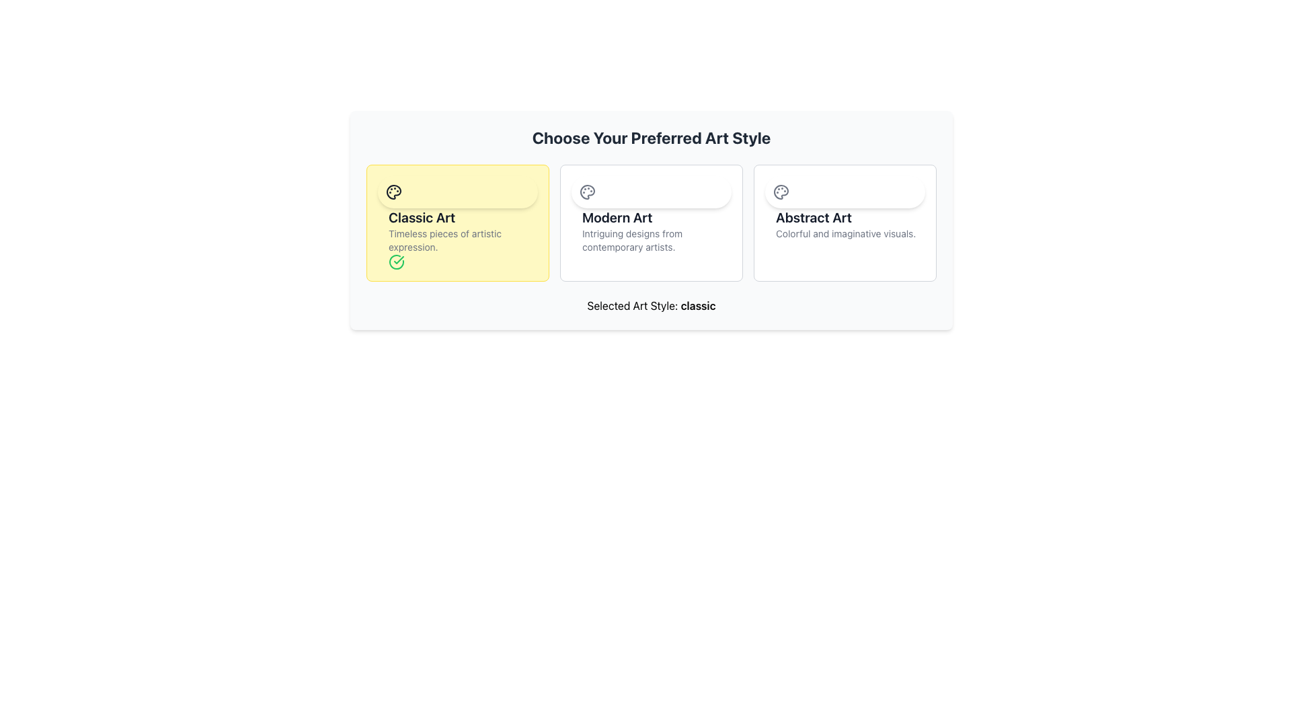 This screenshot has width=1291, height=726. I want to click on the text label serving as the title of the 'Abstract Art' option, located at the top of the rightmost card among three horizontally aligned cards, so click(850, 217).